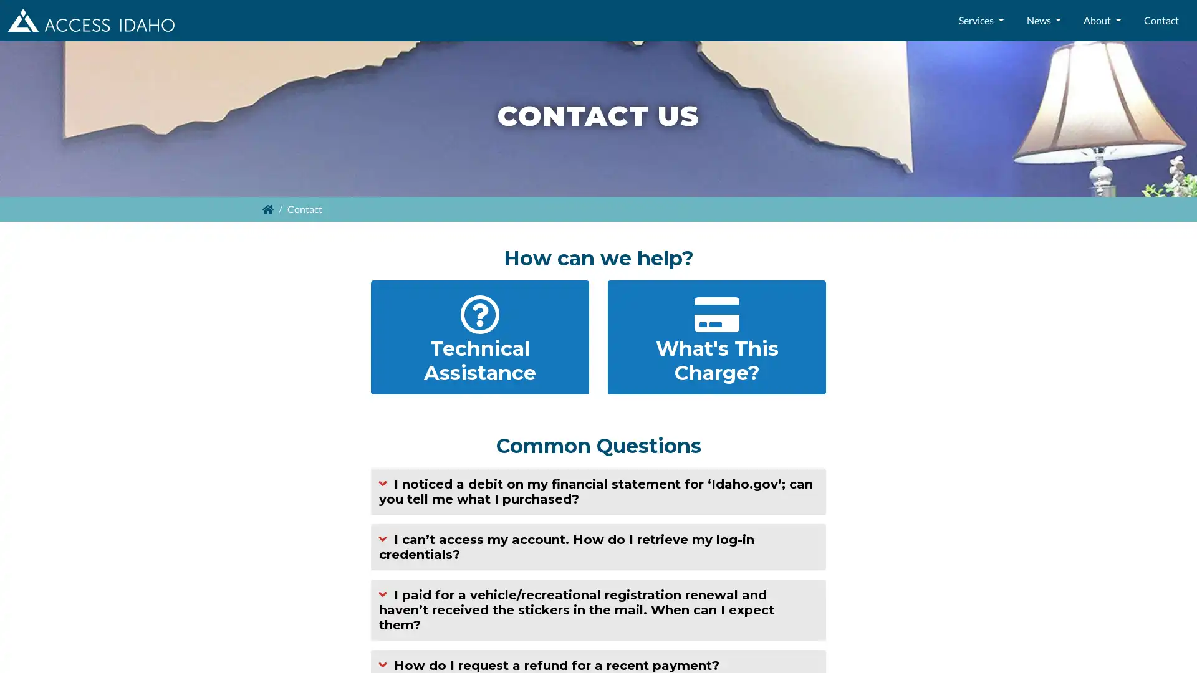  I want to click on I cant access my account. How do I retrieve my log-in credentials?, so click(598, 545).